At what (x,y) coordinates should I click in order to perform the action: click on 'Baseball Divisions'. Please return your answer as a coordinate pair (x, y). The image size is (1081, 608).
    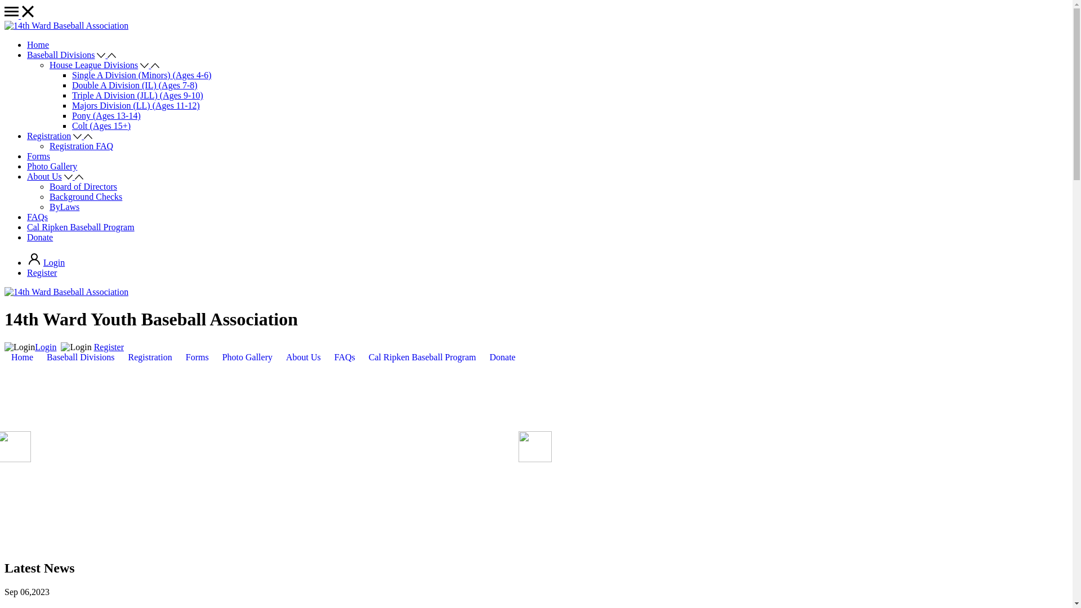
    Looking at the image, I should click on (60, 55).